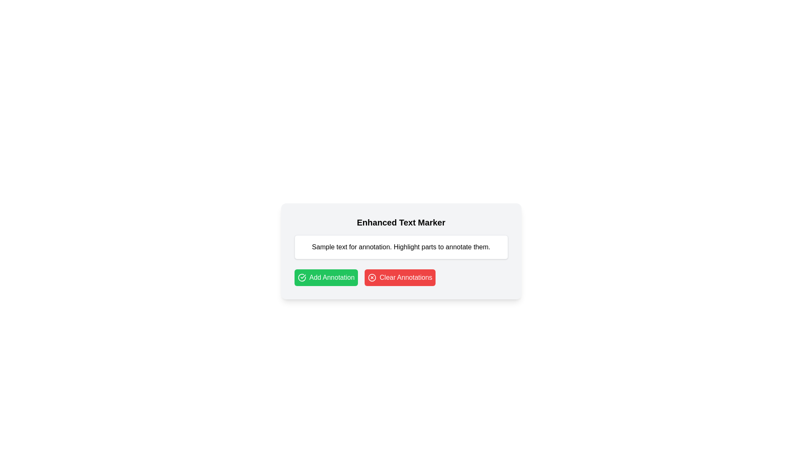 The height and width of the screenshot is (451, 801). I want to click on the lowercase letter 'a' in the word 'Sample' within the sentence 'Sample text for annotation.', so click(318, 246).